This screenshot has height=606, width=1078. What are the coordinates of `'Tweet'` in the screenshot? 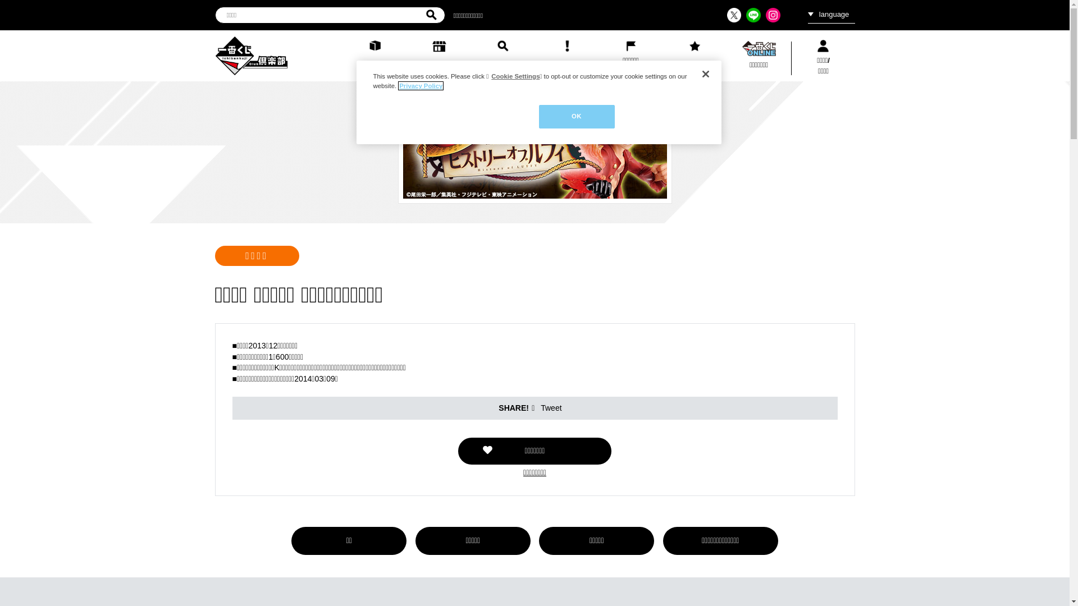 It's located at (551, 407).